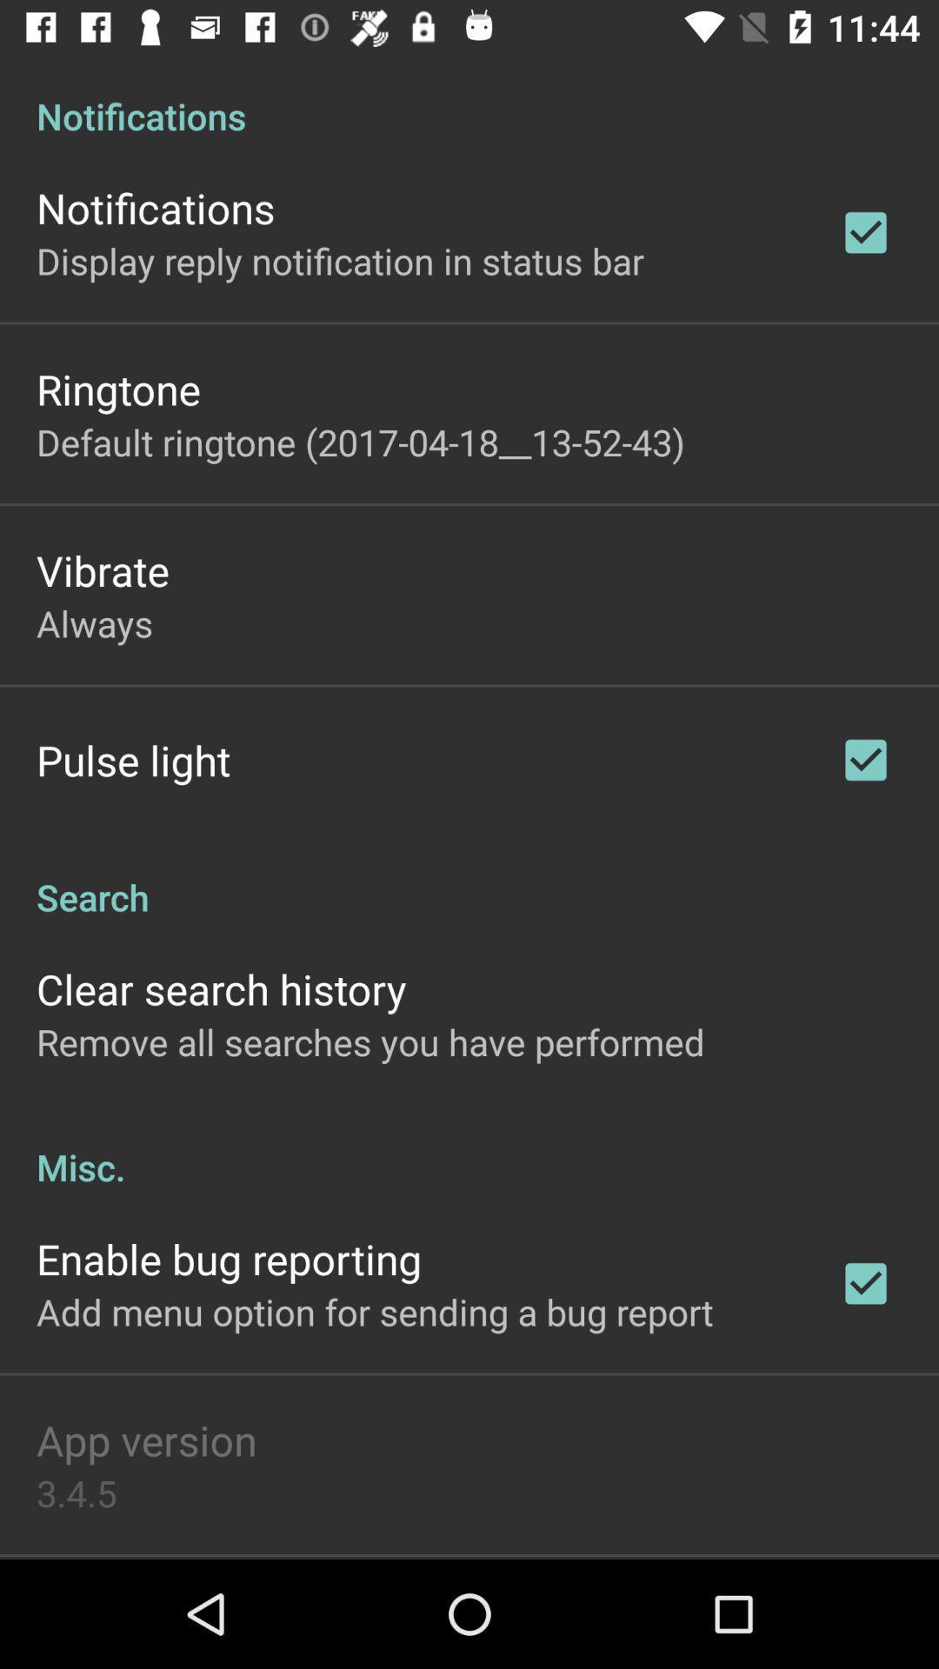  I want to click on the item below remove all searches item, so click(469, 1148).